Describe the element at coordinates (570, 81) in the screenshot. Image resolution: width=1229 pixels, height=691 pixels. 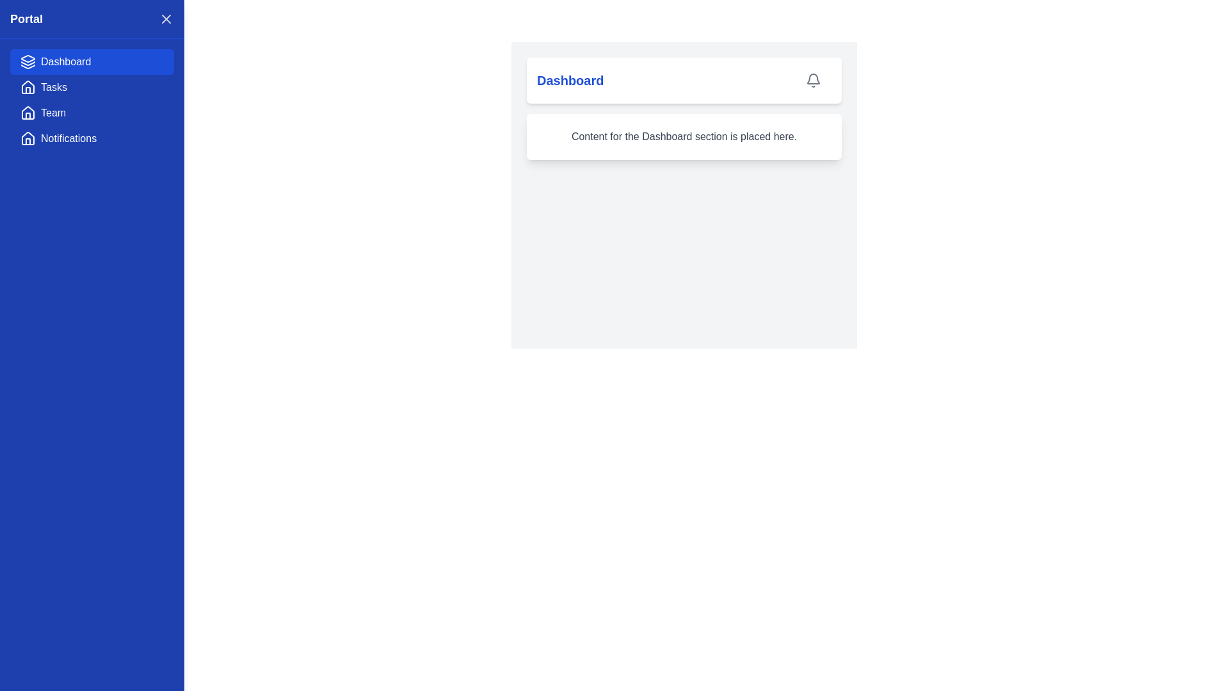
I see `the text label element that reads 'Dashboard', styled in bold blue font, located in the upper section of the white panel` at that location.